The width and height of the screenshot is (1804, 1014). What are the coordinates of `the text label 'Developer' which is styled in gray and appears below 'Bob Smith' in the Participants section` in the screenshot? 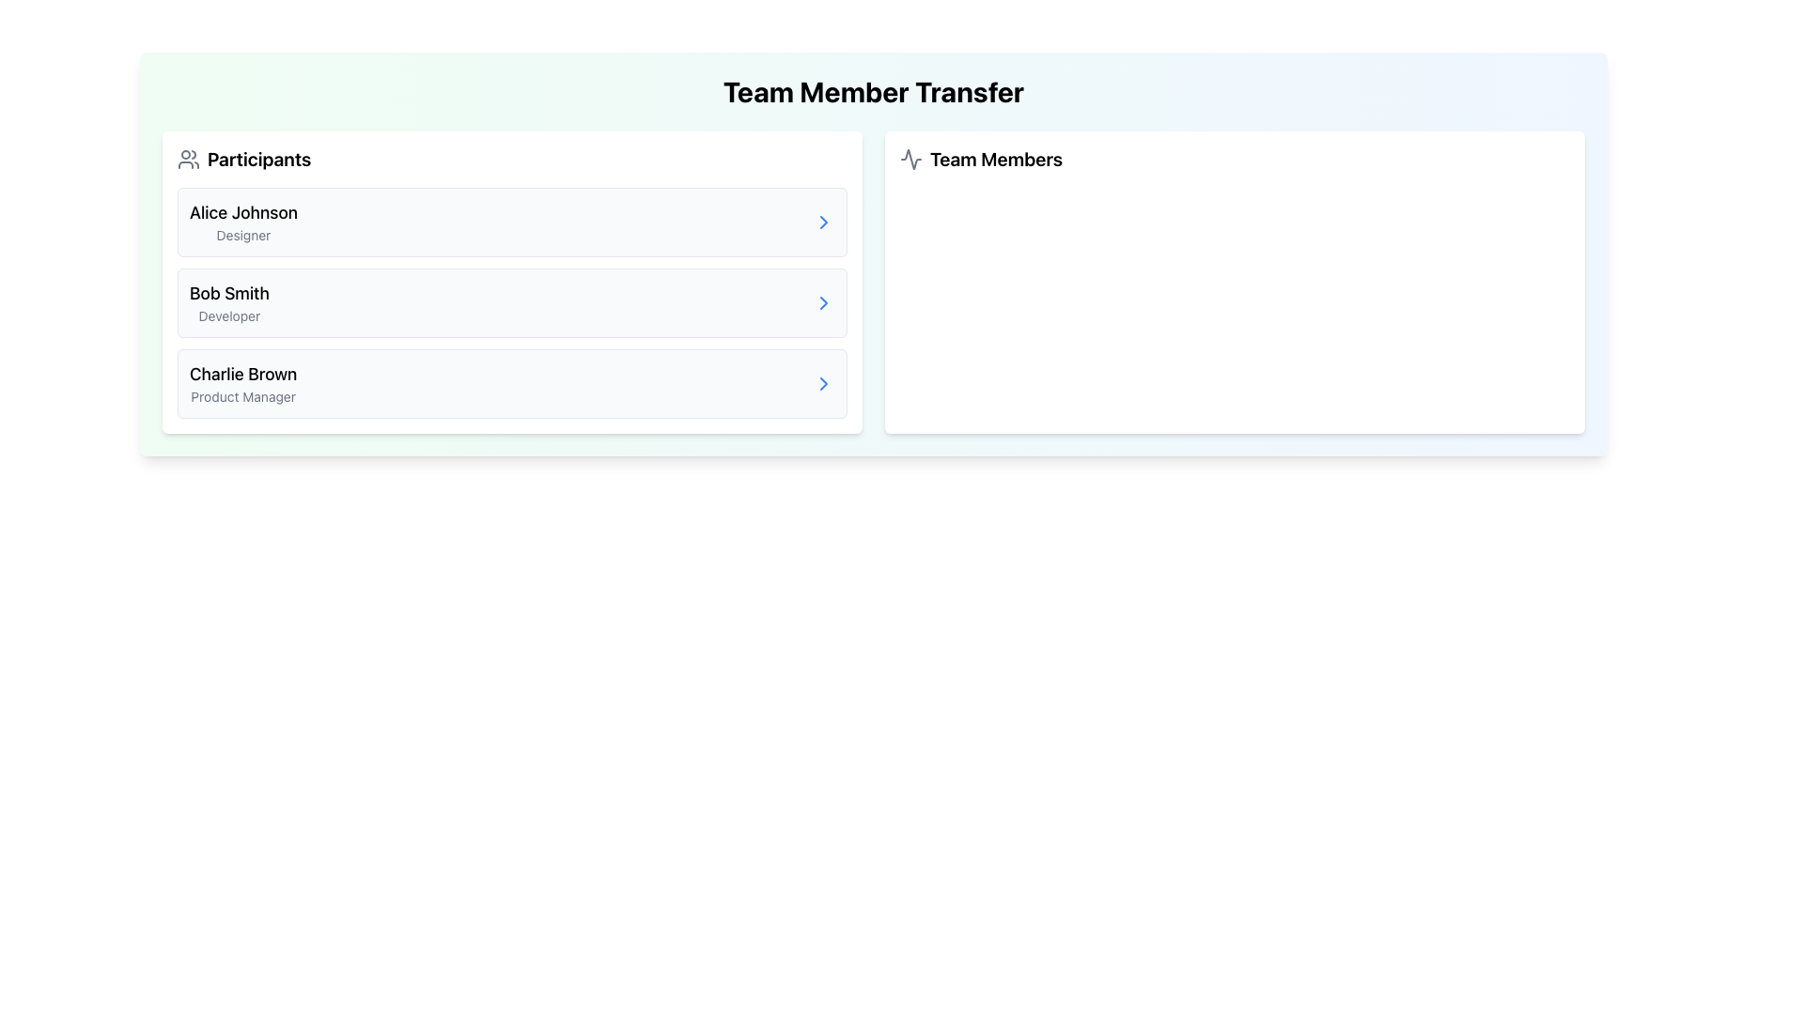 It's located at (228, 315).